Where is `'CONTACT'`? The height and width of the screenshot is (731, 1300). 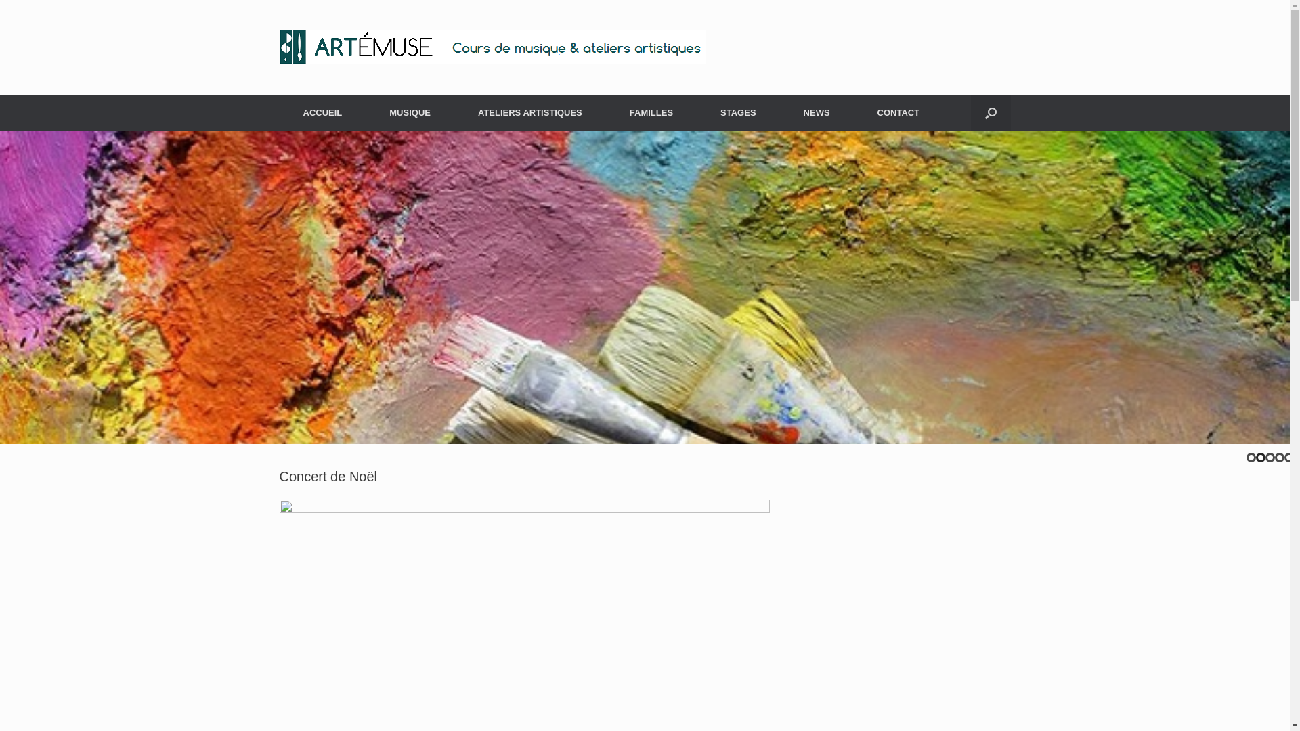 'CONTACT' is located at coordinates (898, 112).